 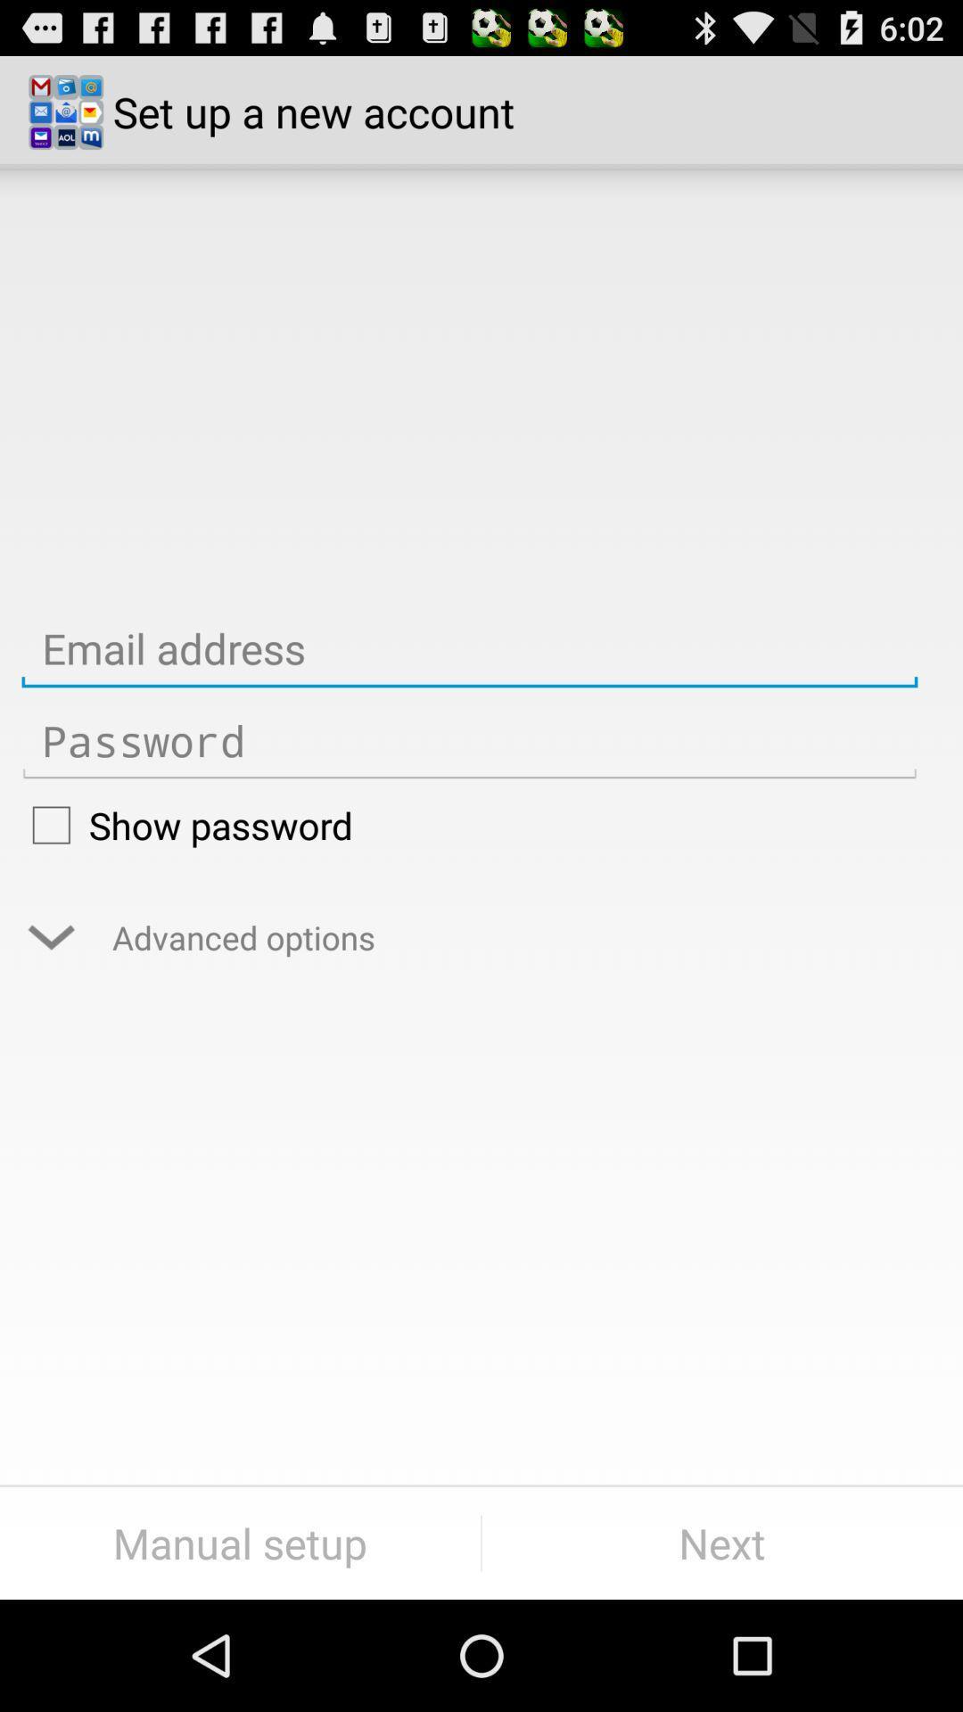 I want to click on item next to manual setup, so click(x=722, y=1543).